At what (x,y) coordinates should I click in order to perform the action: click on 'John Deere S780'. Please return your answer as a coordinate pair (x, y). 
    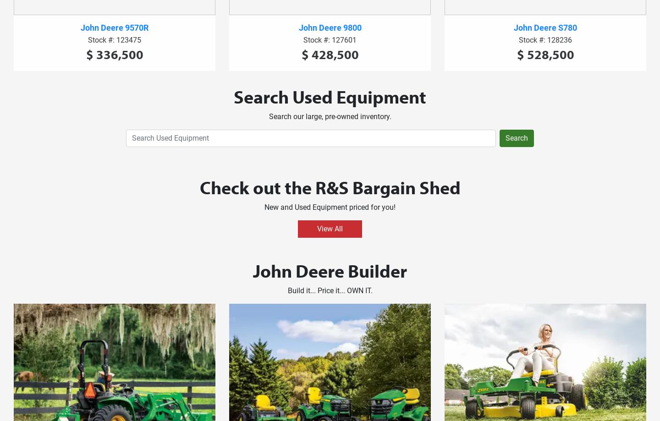
    Looking at the image, I should click on (545, 27).